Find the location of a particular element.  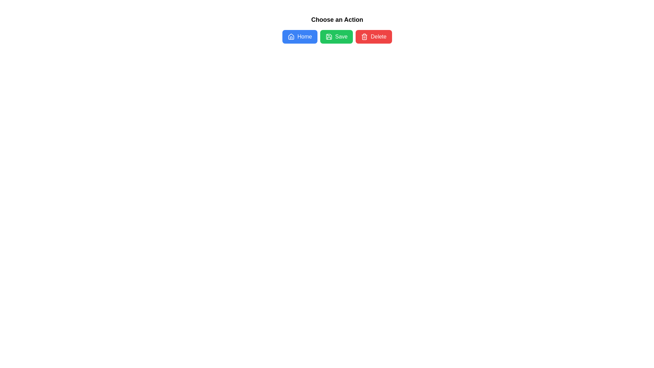

the green 'Save' button icon located at the top-center of the interface is located at coordinates (329, 37).